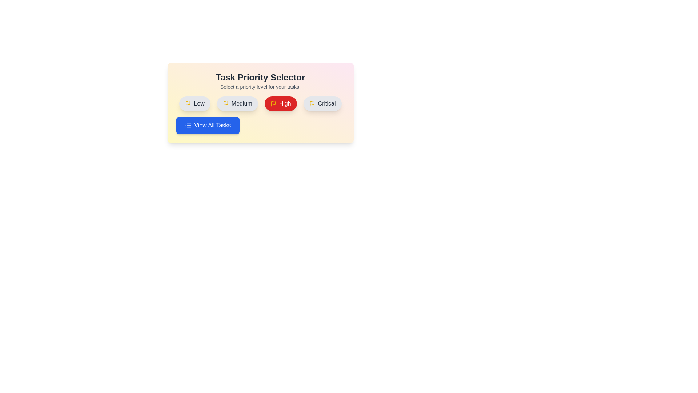 This screenshot has height=393, width=698. What do you see at coordinates (322, 104) in the screenshot?
I see `the button corresponding to the priority level Critical` at bounding box center [322, 104].